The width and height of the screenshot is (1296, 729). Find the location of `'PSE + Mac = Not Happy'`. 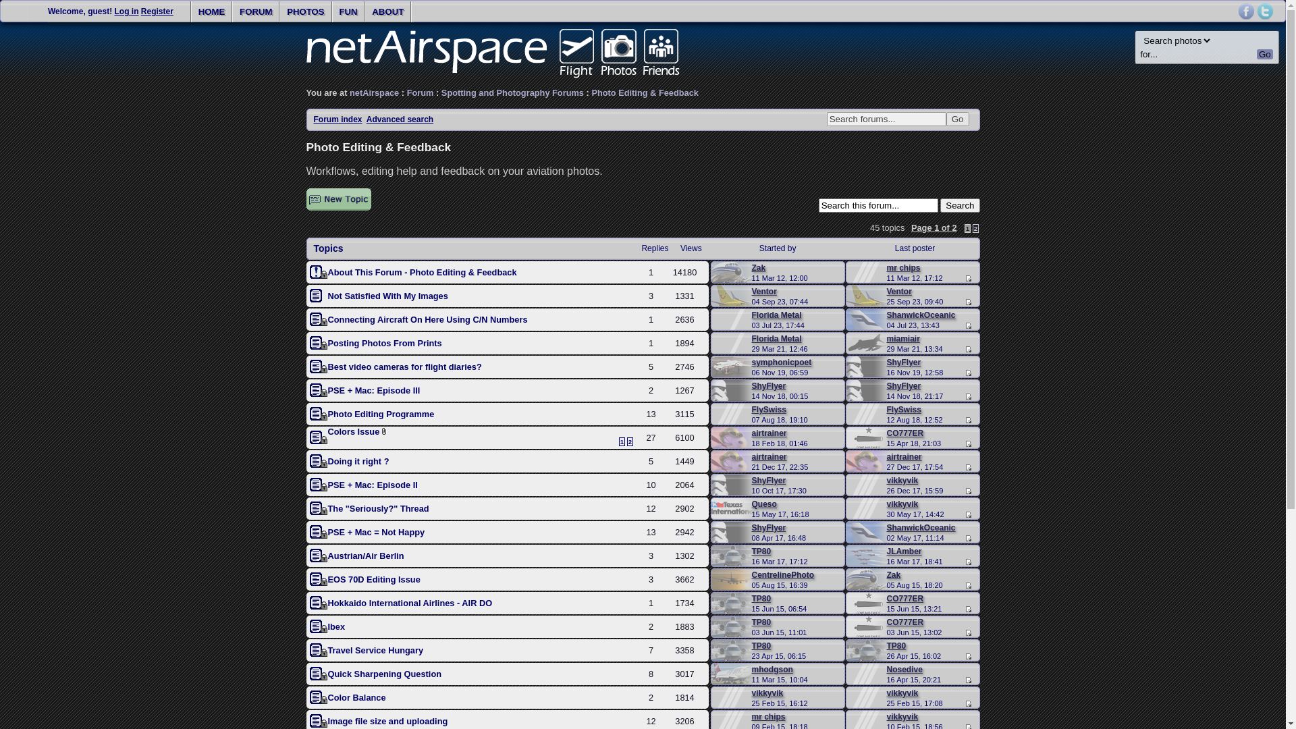

'PSE + Mac = Not Happy' is located at coordinates (376, 531).